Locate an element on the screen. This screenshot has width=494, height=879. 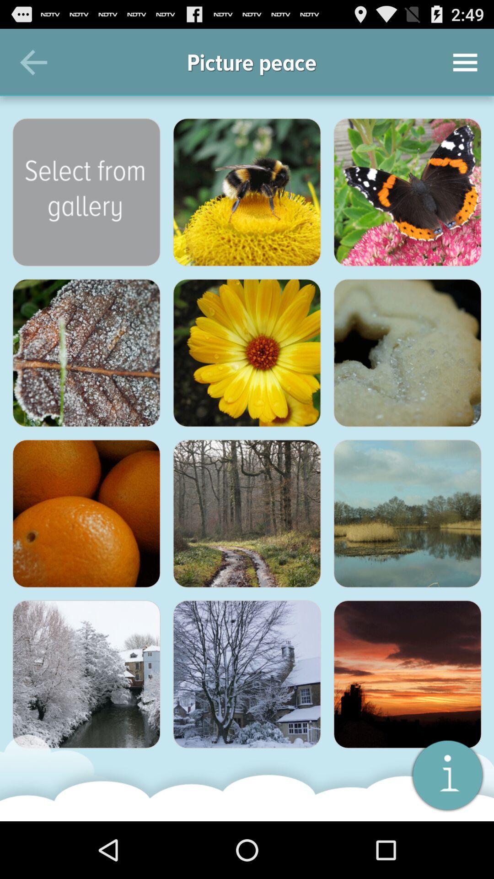
the icon to the right of picture peace icon is located at coordinates (465, 62).